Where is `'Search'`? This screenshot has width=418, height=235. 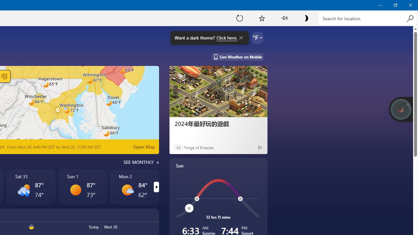
'Search' is located at coordinates (410, 18).